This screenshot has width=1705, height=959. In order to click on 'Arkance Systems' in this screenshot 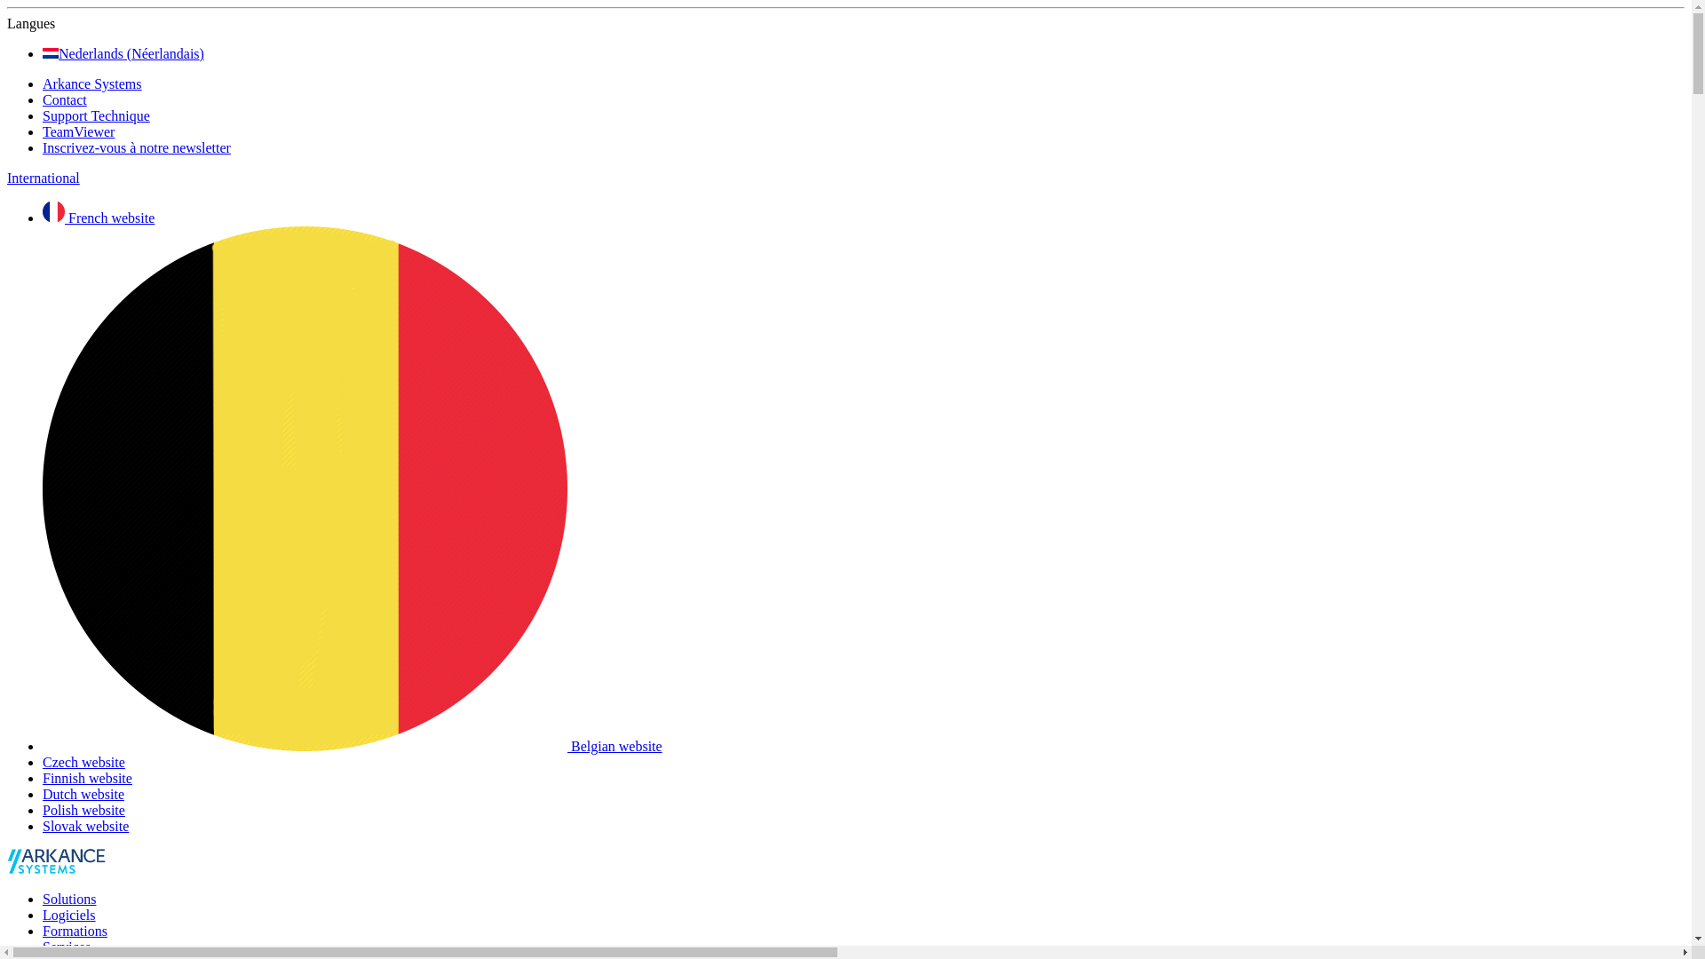, I will do `click(43, 83)`.